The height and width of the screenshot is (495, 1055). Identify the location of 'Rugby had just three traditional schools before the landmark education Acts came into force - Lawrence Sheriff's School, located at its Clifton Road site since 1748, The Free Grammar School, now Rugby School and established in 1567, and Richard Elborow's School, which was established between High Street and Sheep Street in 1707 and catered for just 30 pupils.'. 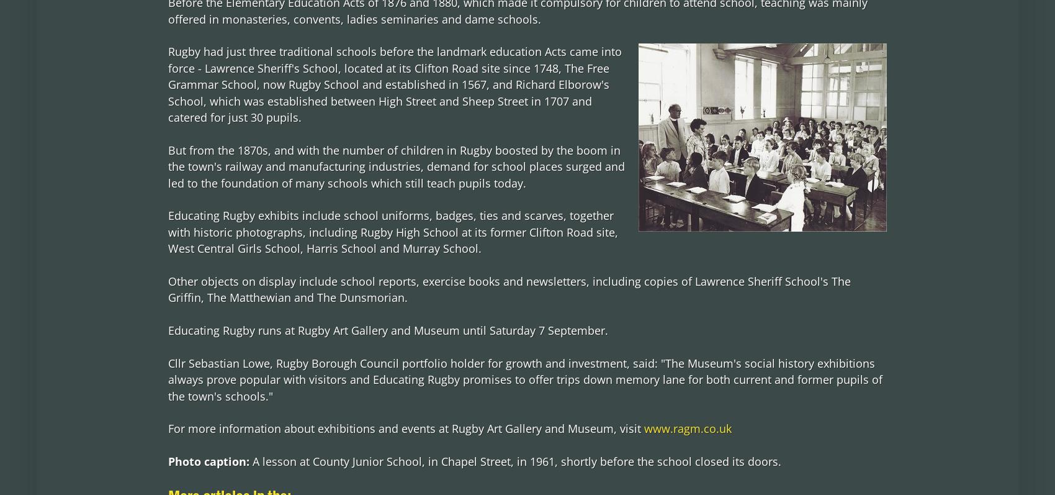
(393, 83).